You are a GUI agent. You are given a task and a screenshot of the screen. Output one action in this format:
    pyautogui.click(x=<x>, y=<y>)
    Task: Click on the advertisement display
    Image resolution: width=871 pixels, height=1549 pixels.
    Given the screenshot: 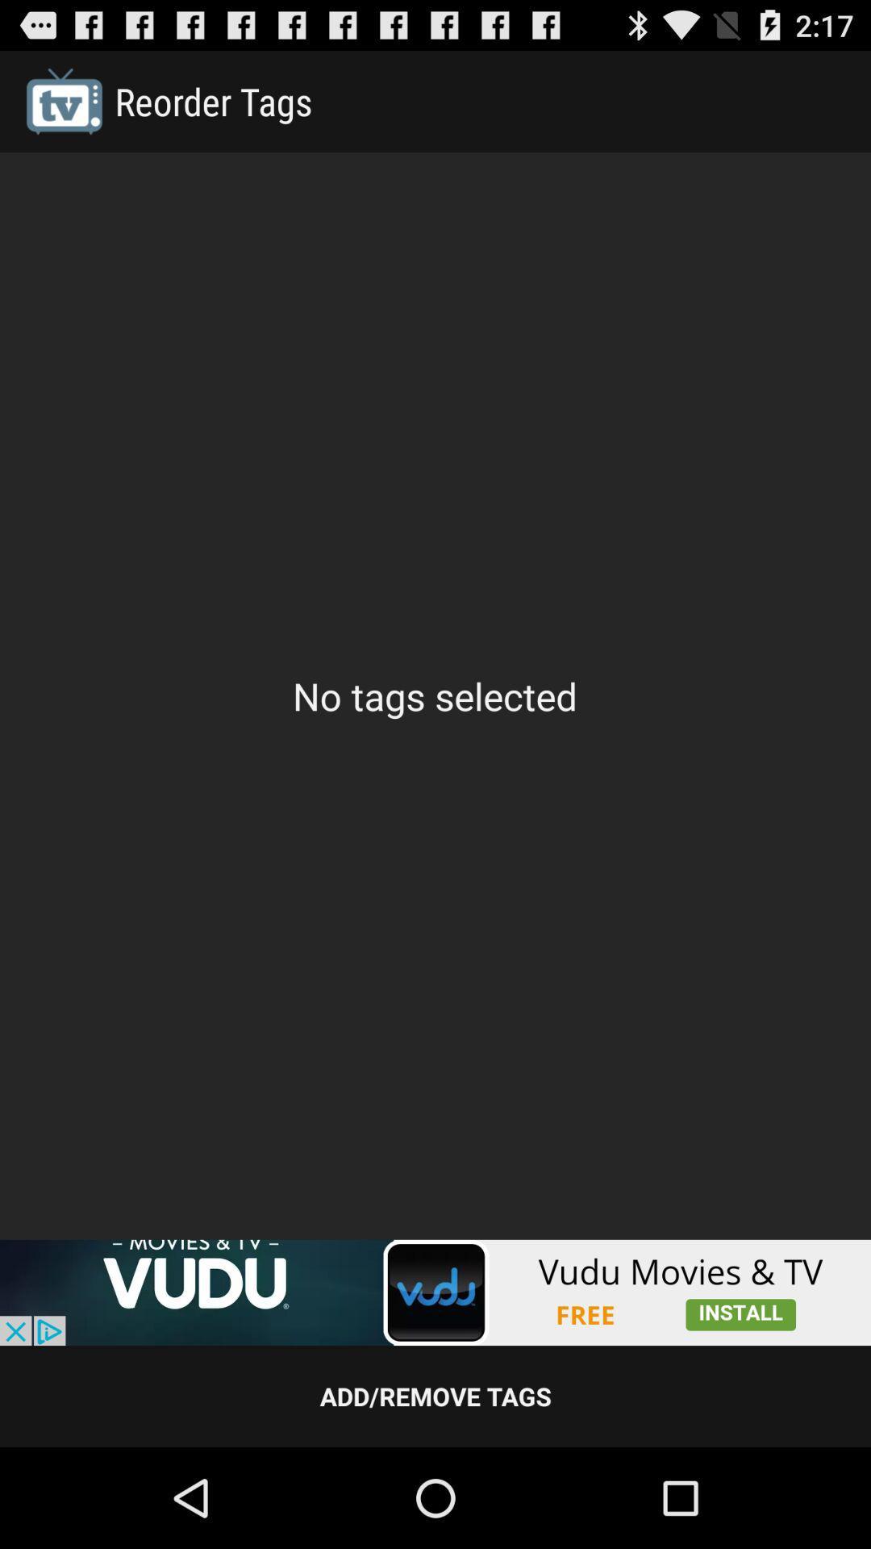 What is the action you would take?
    pyautogui.click(x=435, y=1292)
    